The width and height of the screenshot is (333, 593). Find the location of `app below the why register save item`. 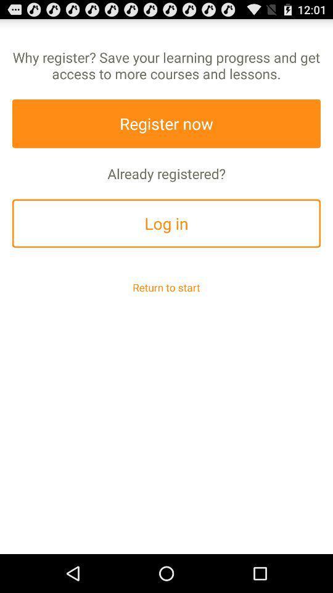

app below the why register save item is located at coordinates (166, 124).